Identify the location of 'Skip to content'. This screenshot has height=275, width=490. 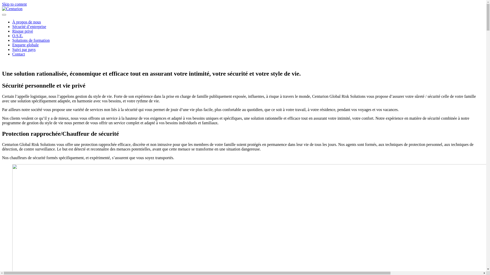
(14, 4).